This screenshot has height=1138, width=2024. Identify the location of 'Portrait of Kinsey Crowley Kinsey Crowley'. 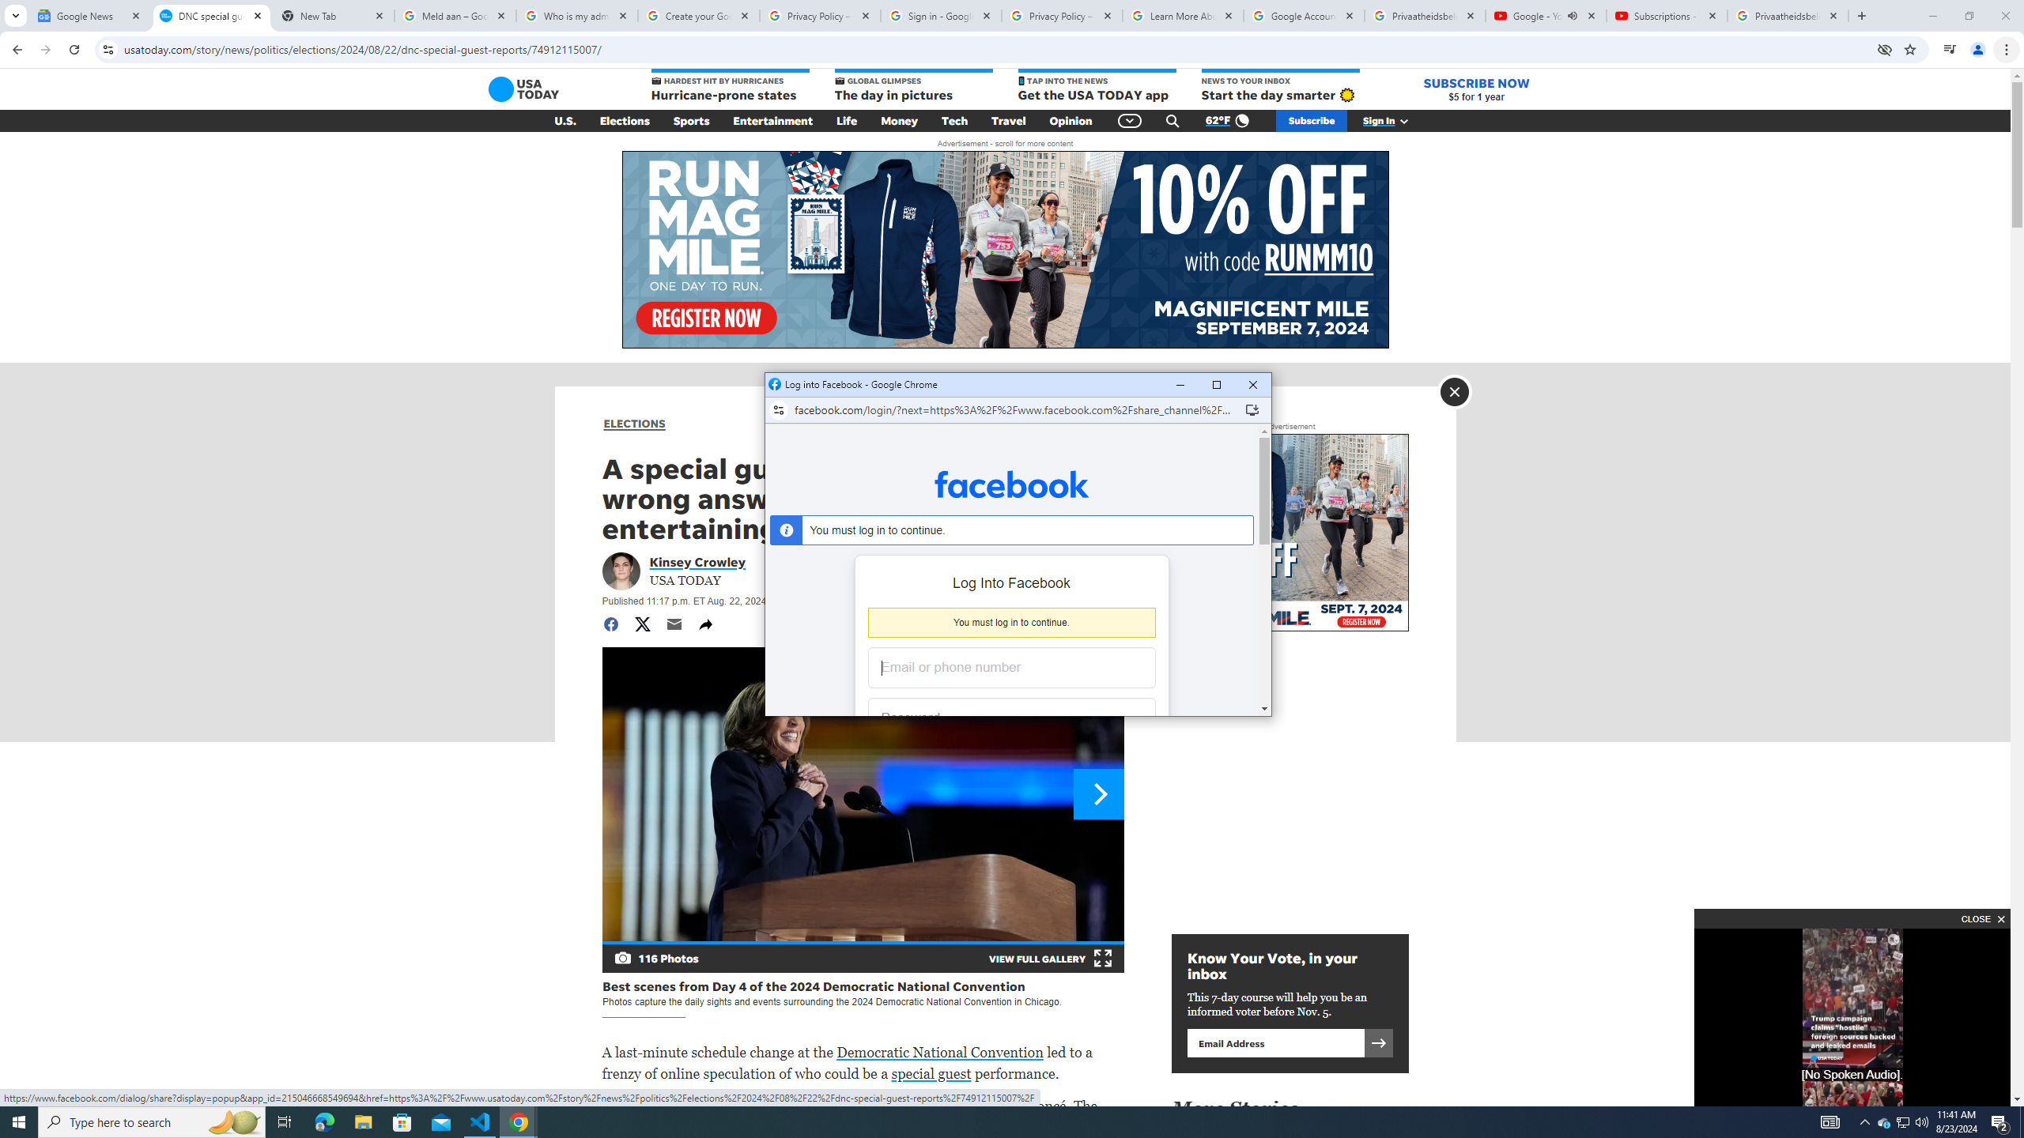
(697, 562).